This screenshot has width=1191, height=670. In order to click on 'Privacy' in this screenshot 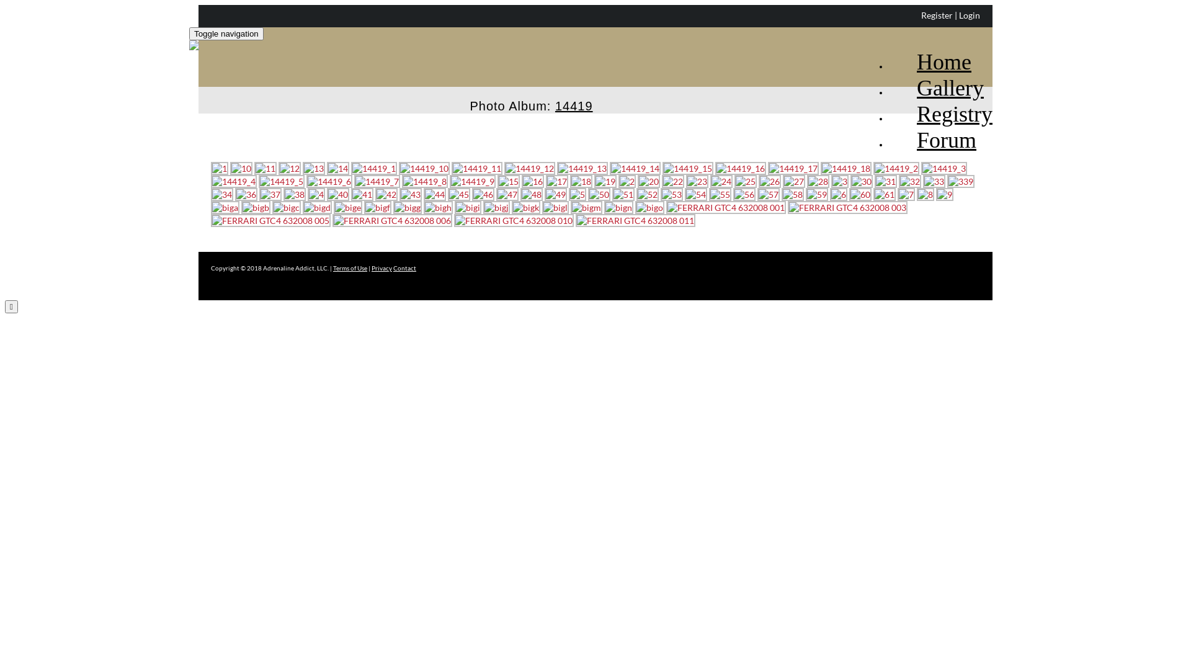, I will do `click(381, 267)`.